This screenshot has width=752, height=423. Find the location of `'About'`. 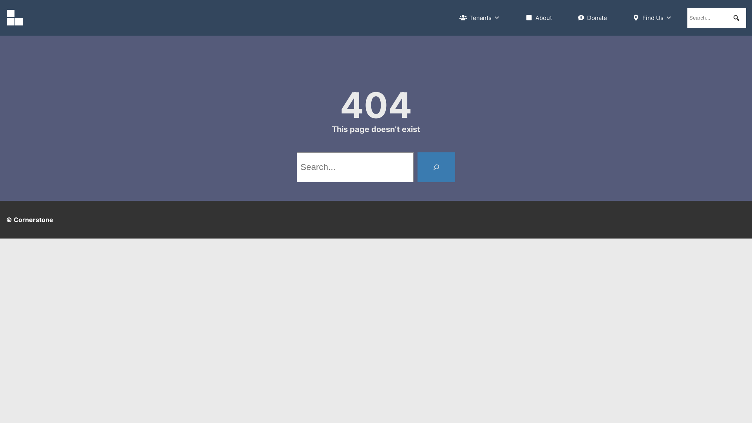

'About' is located at coordinates (538, 18).